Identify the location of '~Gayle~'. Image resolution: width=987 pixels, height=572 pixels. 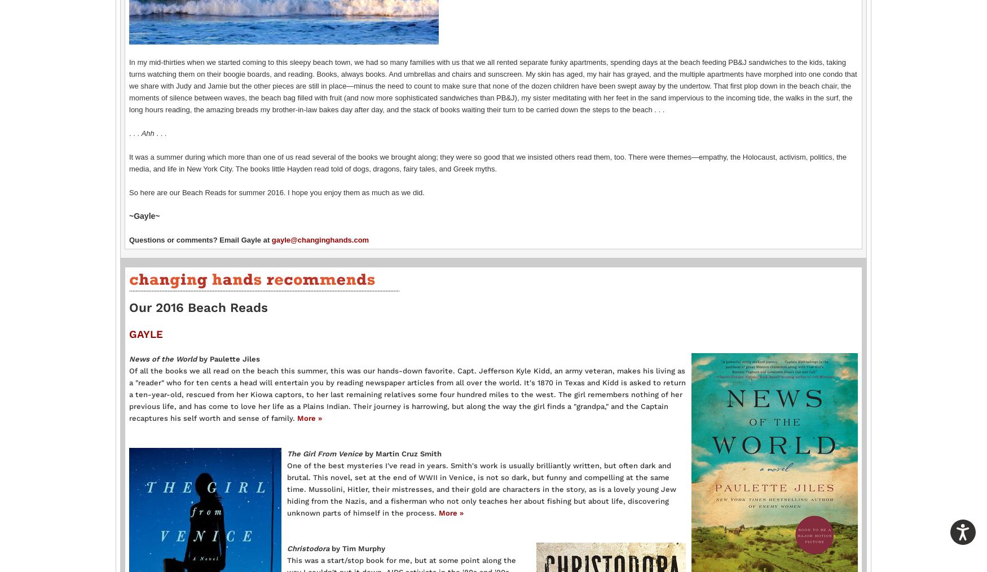
(144, 214).